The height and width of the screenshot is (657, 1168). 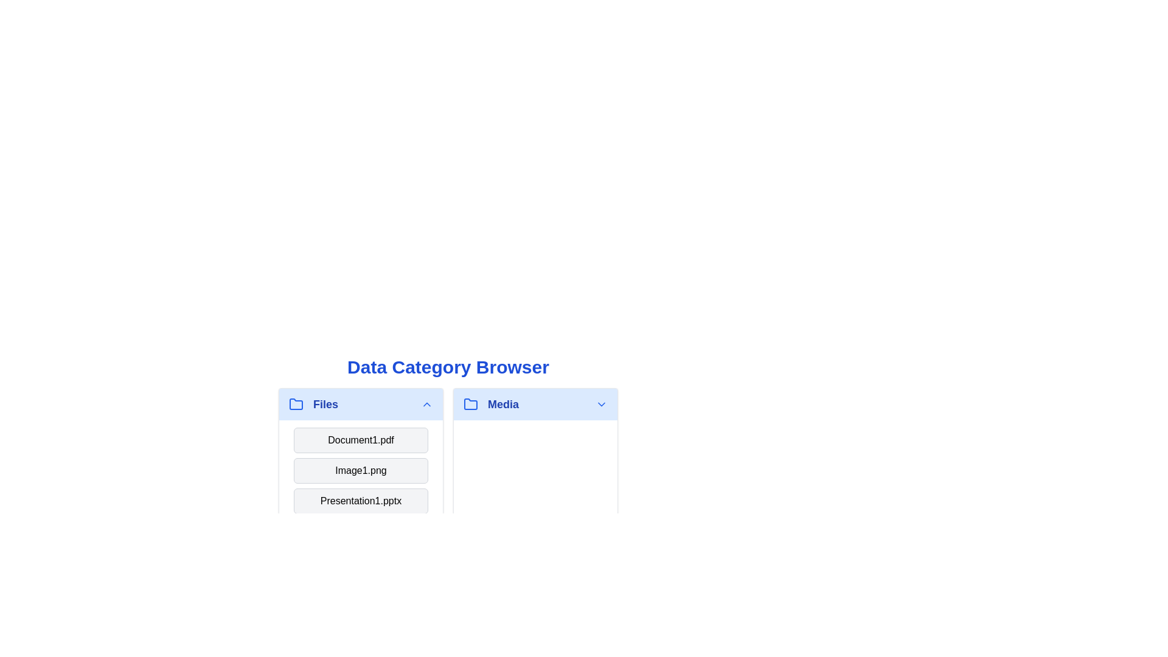 I want to click on the category header or item Document1.pdf, so click(x=360, y=440).